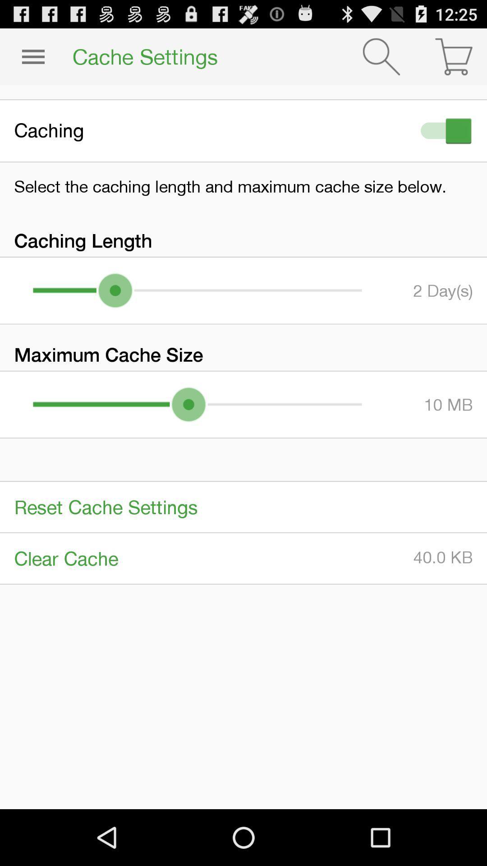 This screenshot has width=487, height=866. Describe the element at coordinates (381, 56) in the screenshot. I see `icon next to the cache settings` at that location.